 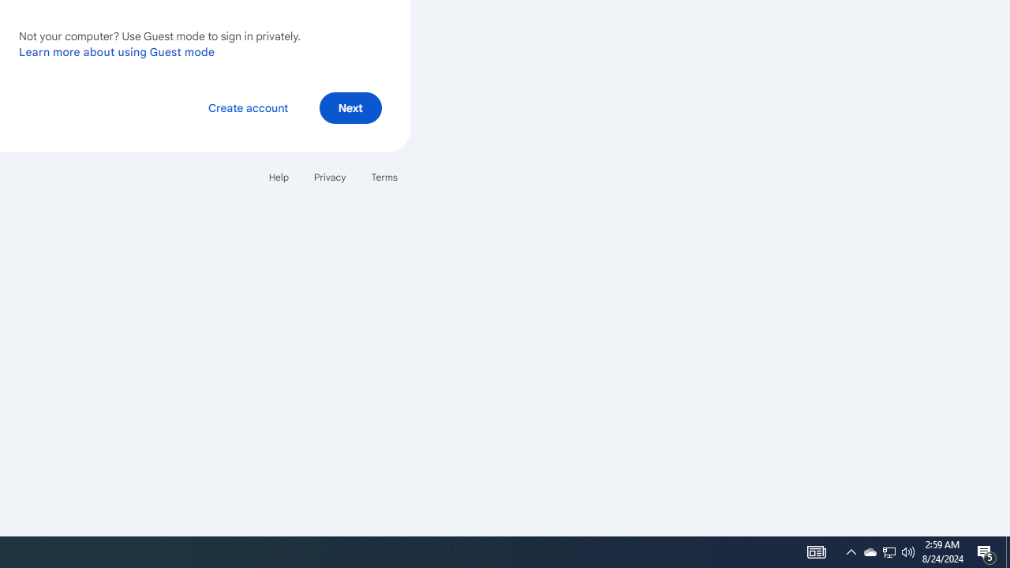 I want to click on 'Privacy', so click(x=328, y=177).